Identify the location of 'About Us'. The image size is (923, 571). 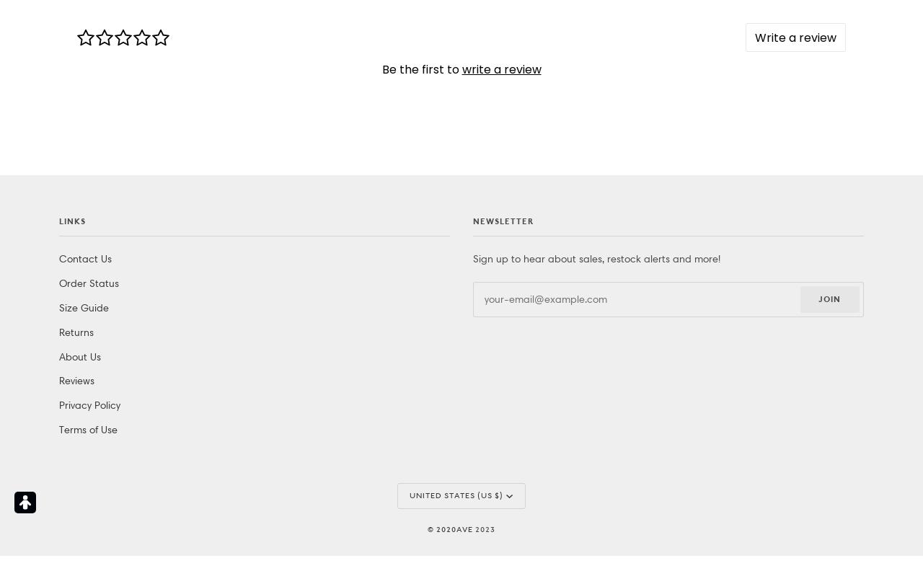
(79, 84).